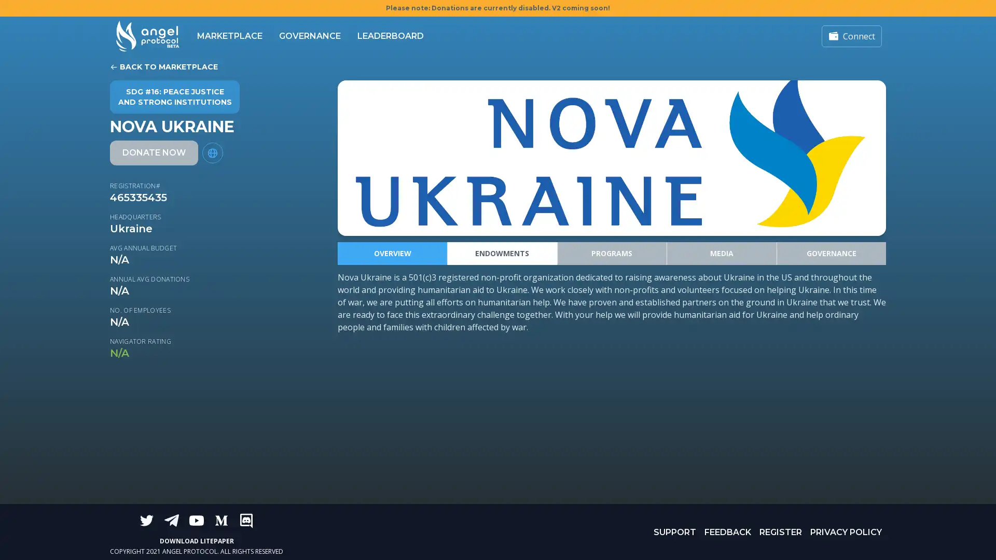 The image size is (996, 560). Describe the element at coordinates (154, 152) in the screenshot. I see `DONATE NOW` at that location.